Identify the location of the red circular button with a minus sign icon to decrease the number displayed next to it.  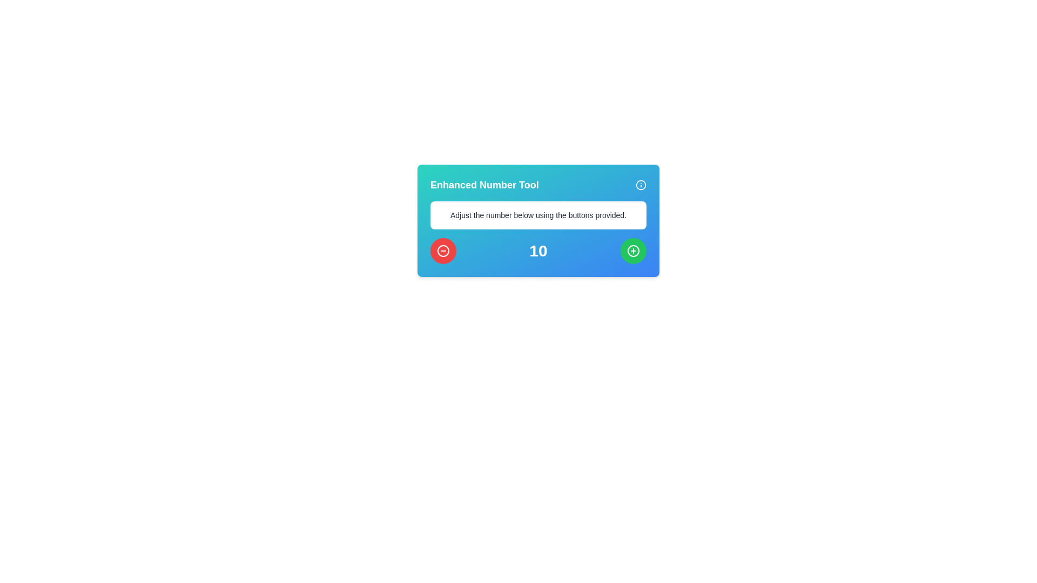
(443, 251).